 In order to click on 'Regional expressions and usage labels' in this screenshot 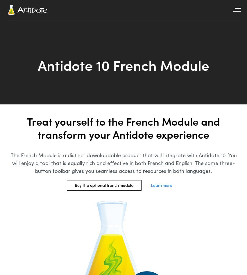, I will do `click(132, 155)`.